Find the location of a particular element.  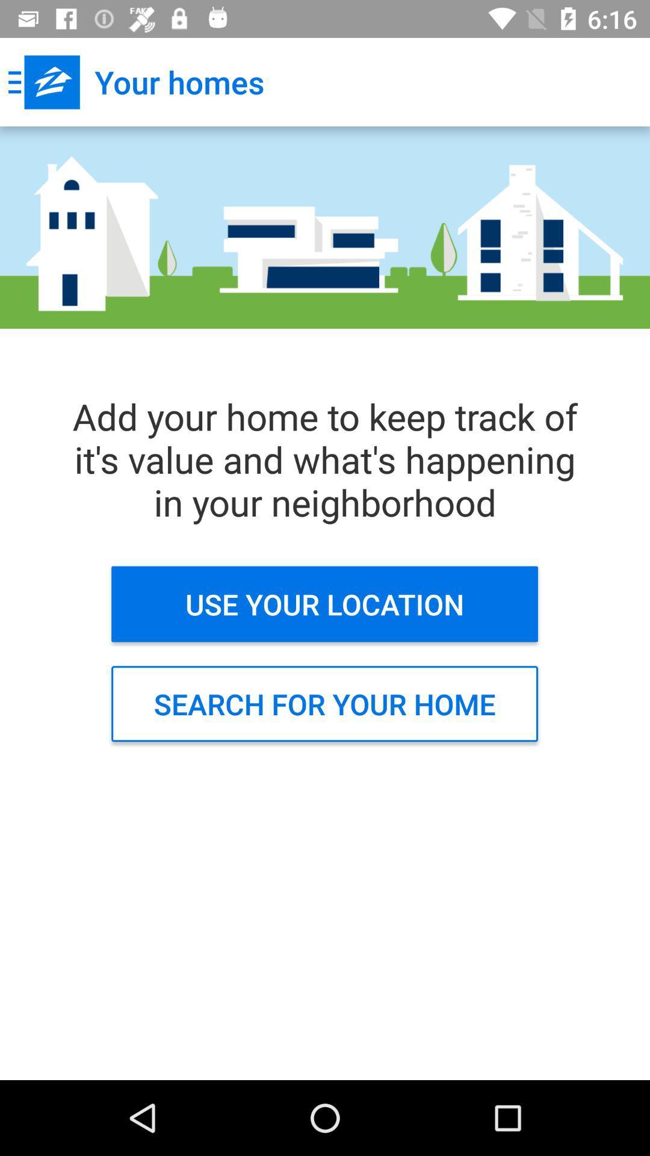

the icon above search for your item is located at coordinates (324, 604).